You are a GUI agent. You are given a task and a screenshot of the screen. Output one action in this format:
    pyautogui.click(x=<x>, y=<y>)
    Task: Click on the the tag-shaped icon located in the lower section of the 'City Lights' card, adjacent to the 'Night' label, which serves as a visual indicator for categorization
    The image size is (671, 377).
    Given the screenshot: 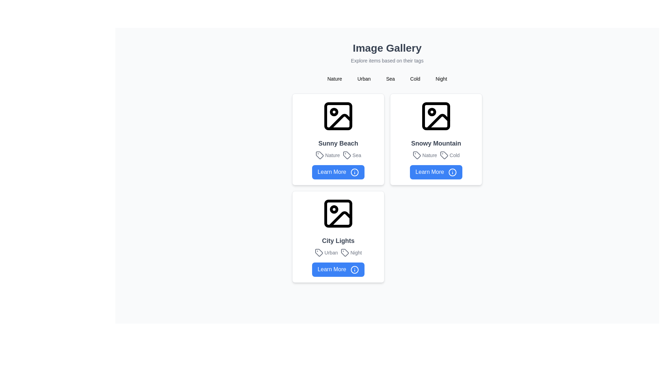 What is the action you would take?
    pyautogui.click(x=345, y=252)
    